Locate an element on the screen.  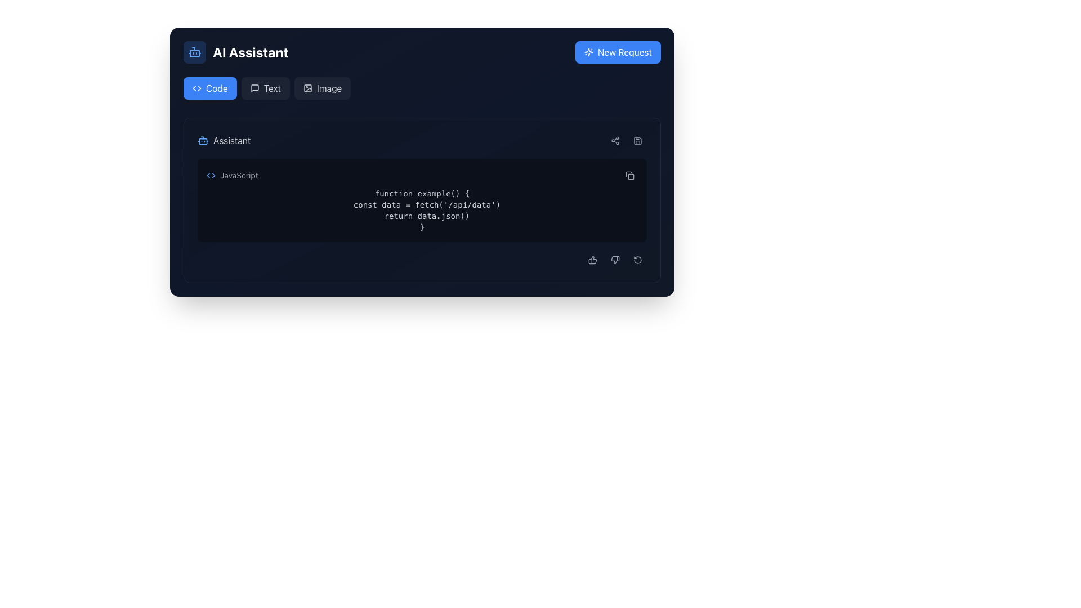
the SVG Rectangle (Background) element that serves as a graphical component within an icon render, positioned at the top-left area of the SVG is located at coordinates (308, 88).